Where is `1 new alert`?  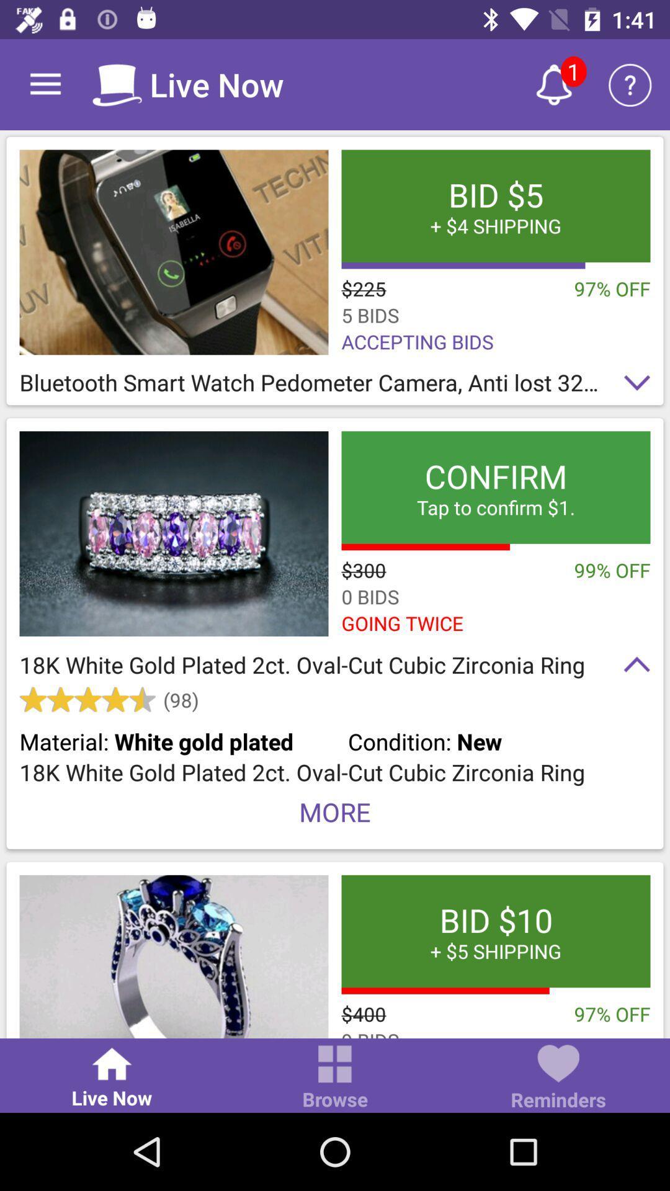
1 new alert is located at coordinates (553, 84).